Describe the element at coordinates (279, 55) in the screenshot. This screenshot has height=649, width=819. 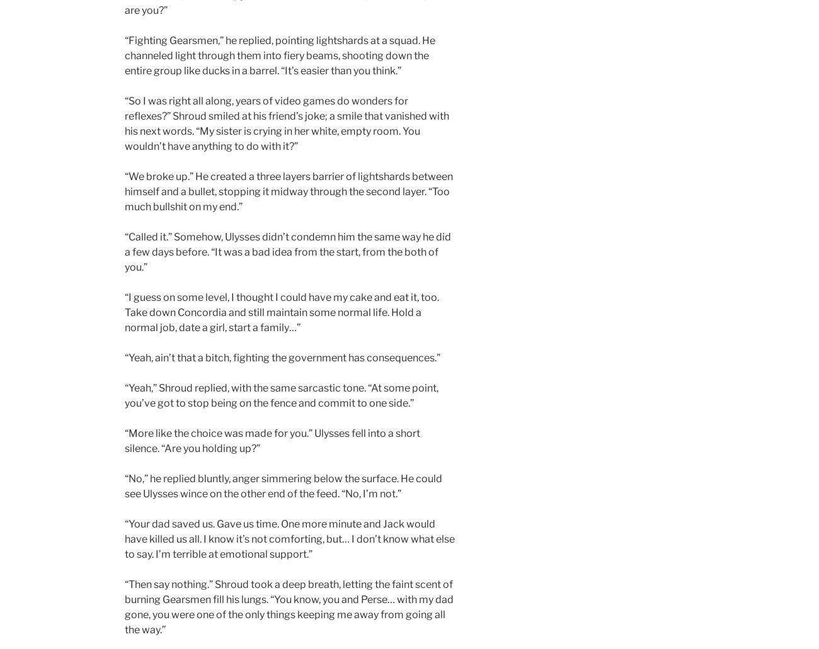
I see `'“Fighting Gearsmen,” he replied, pointing lightshards at a squad. He channeled light through them into fiery beams, shooting down the entire group like ducks in a barrel. “It’s easier than you think.”'` at that location.